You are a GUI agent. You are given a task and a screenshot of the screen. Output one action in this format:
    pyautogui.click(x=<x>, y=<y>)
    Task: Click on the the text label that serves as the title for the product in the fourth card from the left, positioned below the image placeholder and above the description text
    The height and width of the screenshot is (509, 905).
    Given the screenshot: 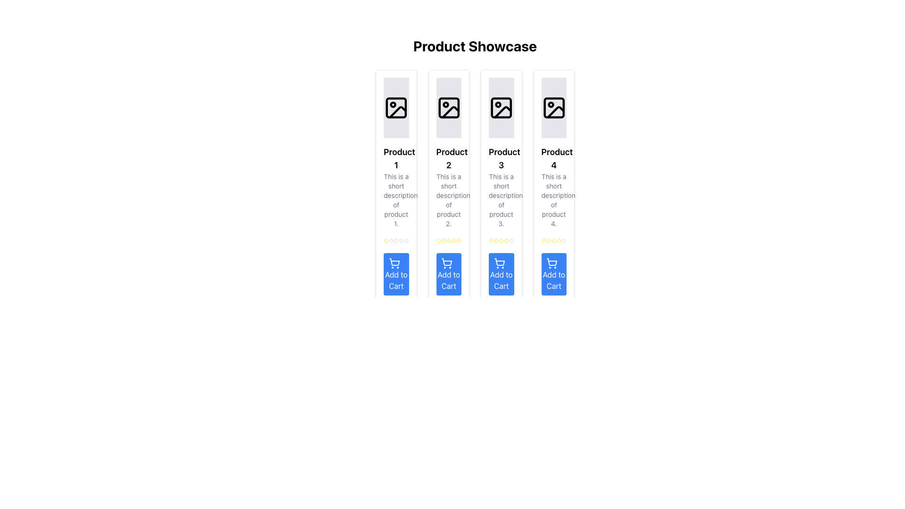 What is the action you would take?
    pyautogui.click(x=554, y=158)
    